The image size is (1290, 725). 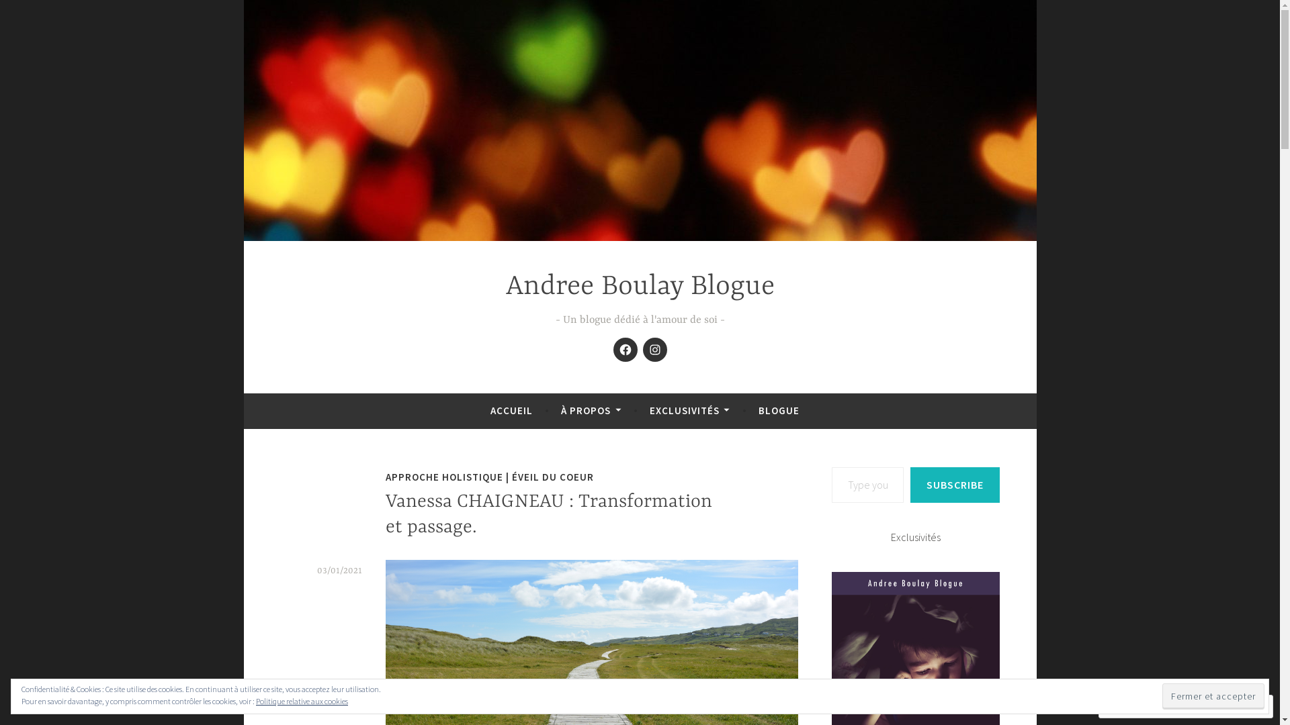 What do you see at coordinates (511, 410) in the screenshot?
I see `'ACCUEIL'` at bounding box center [511, 410].